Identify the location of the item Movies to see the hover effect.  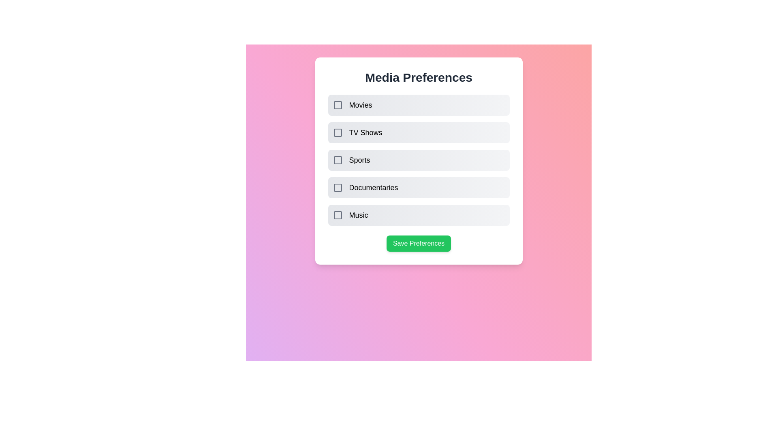
(419, 104).